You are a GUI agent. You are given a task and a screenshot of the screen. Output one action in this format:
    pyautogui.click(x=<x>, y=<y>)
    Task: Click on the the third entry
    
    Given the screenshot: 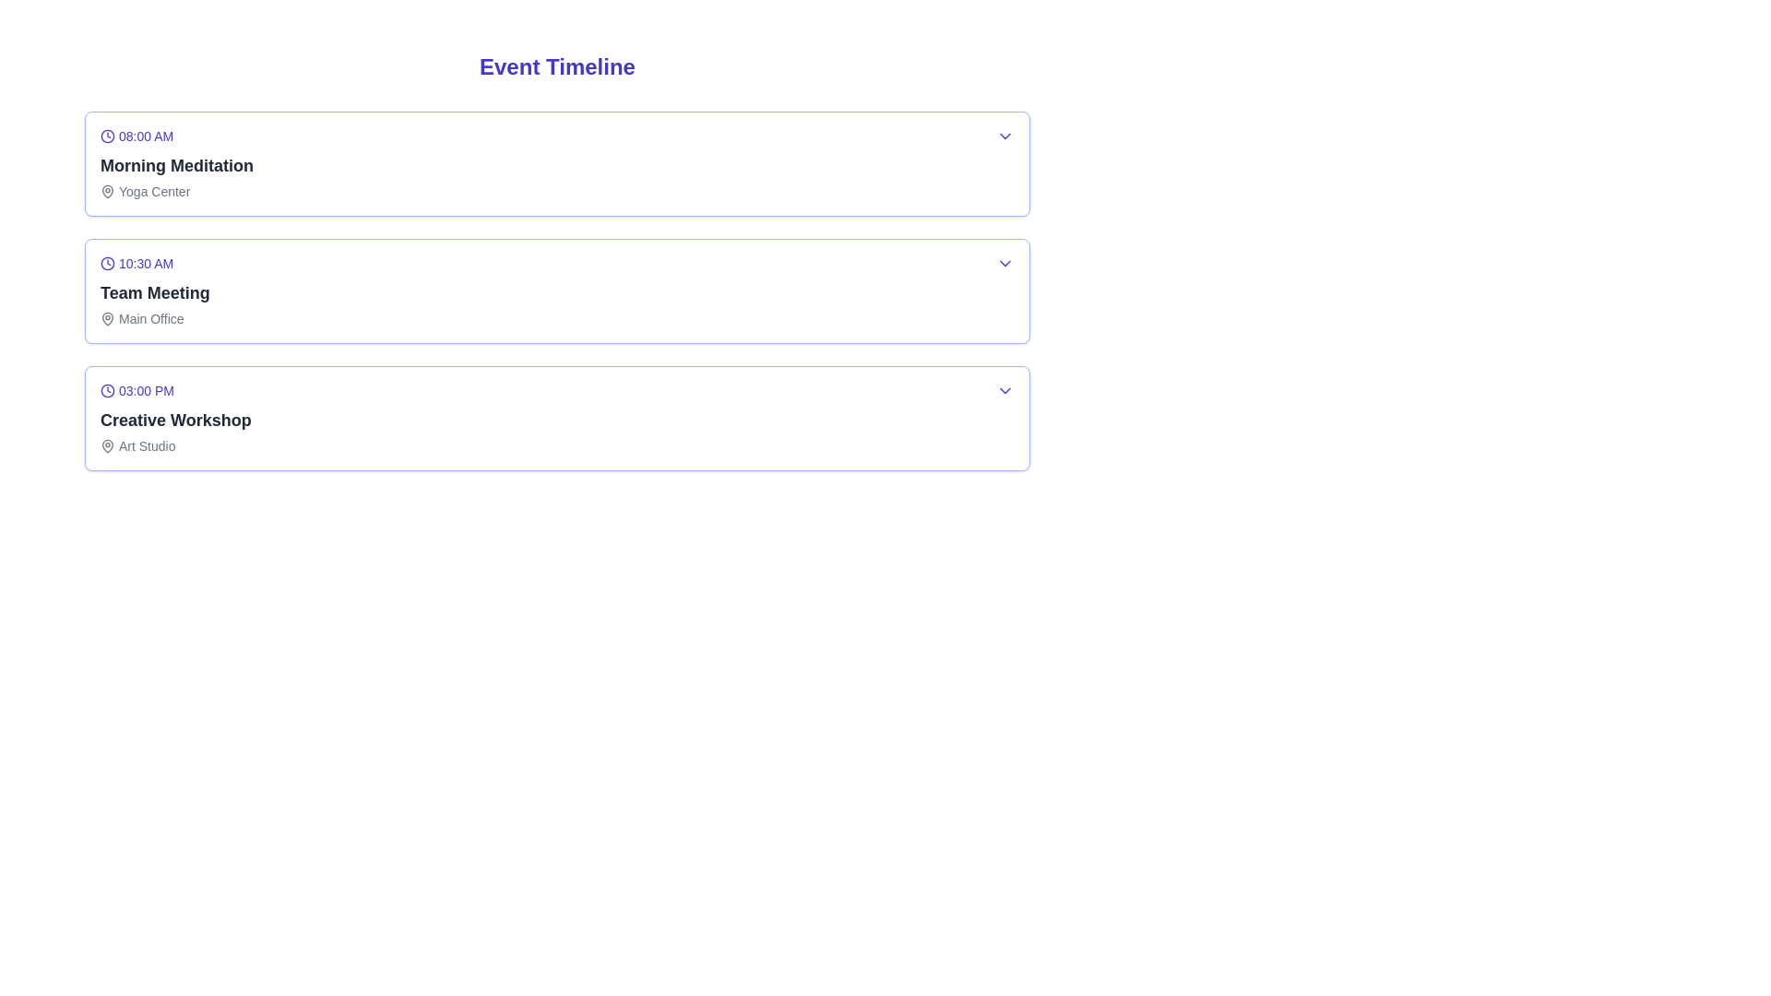 What is the action you would take?
    pyautogui.click(x=175, y=419)
    